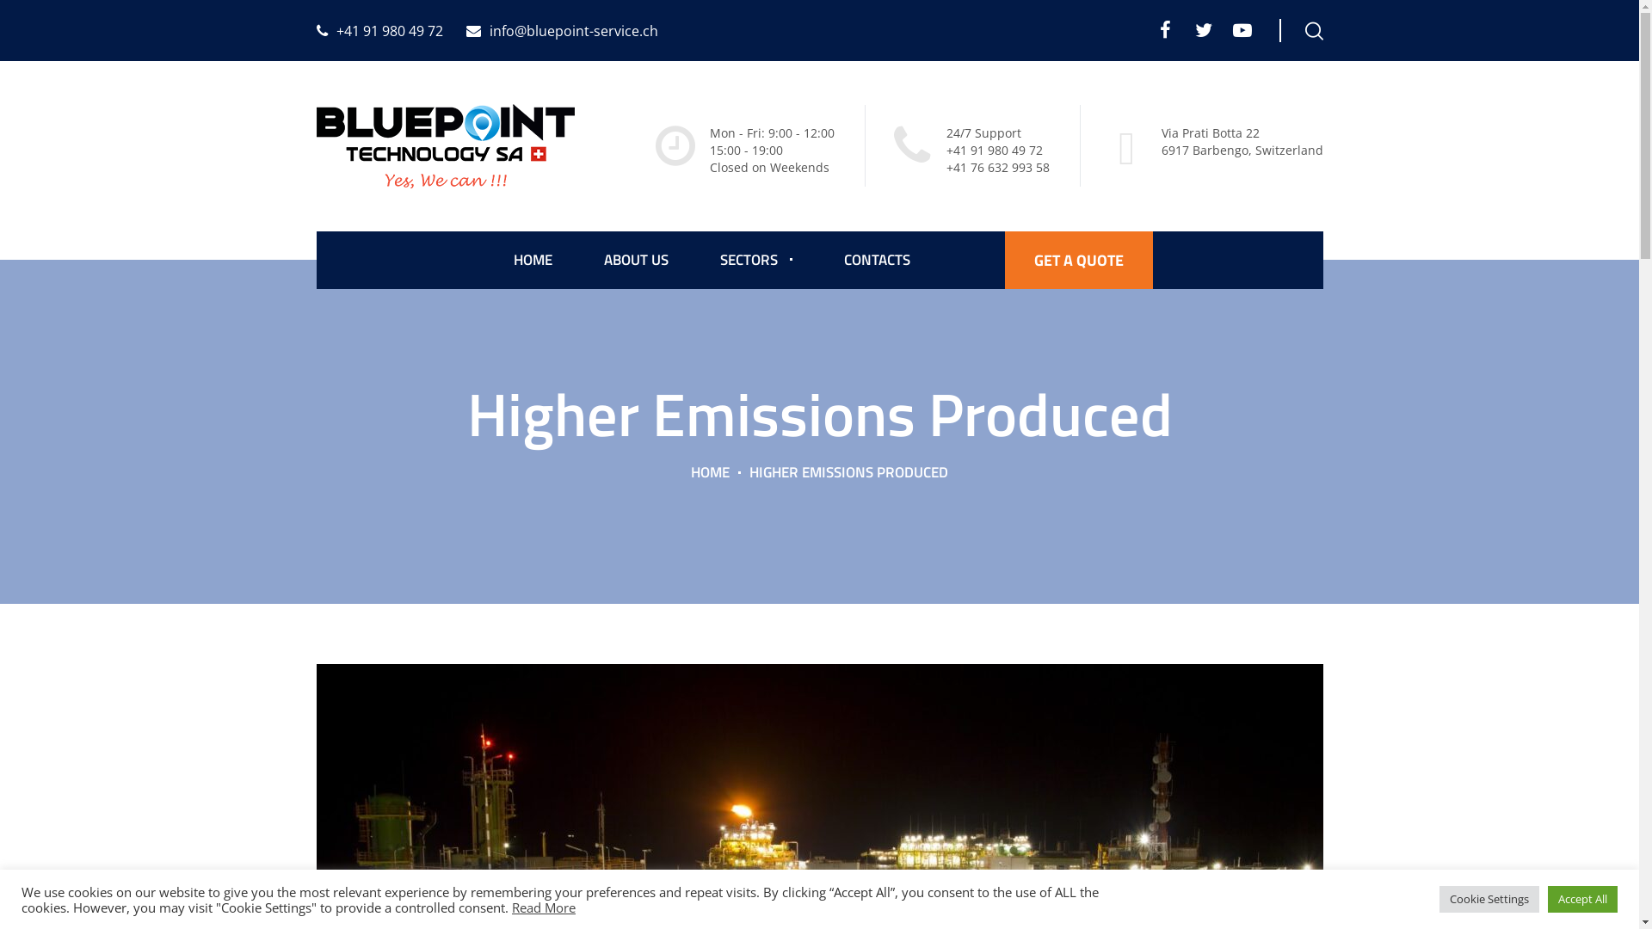 The width and height of the screenshot is (1652, 929). I want to click on 'Twitter', so click(1202, 29).